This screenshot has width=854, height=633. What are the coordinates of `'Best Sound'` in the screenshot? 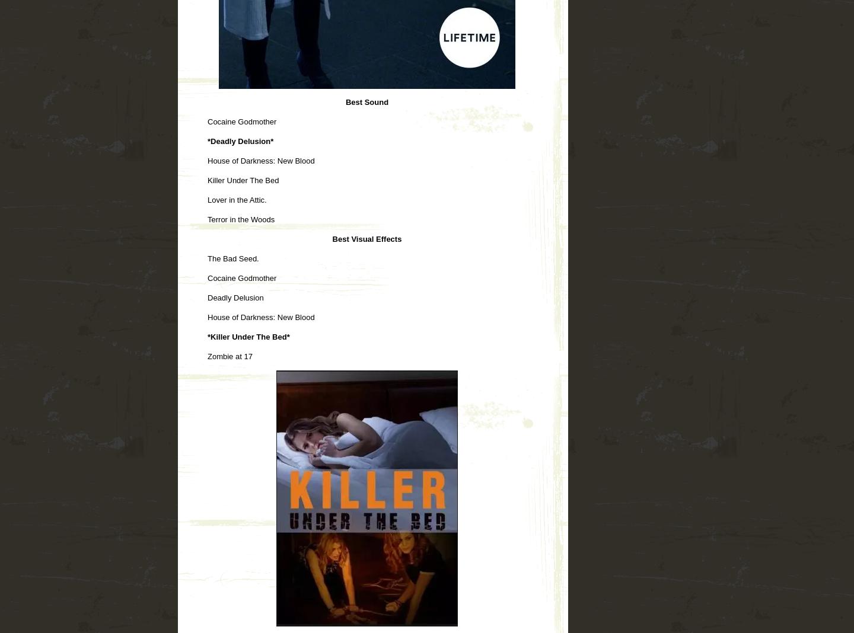 It's located at (366, 101).